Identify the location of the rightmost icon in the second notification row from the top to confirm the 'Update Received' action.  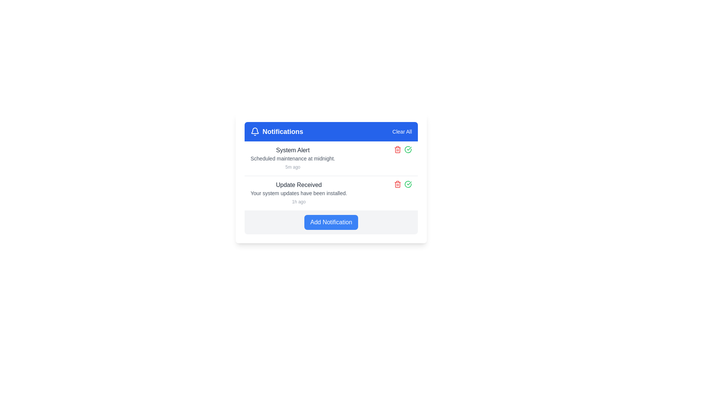
(408, 150).